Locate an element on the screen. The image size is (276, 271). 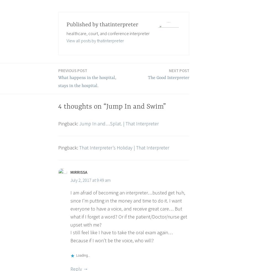
'Jump In and…Splat. | That Interpreter' is located at coordinates (119, 123).